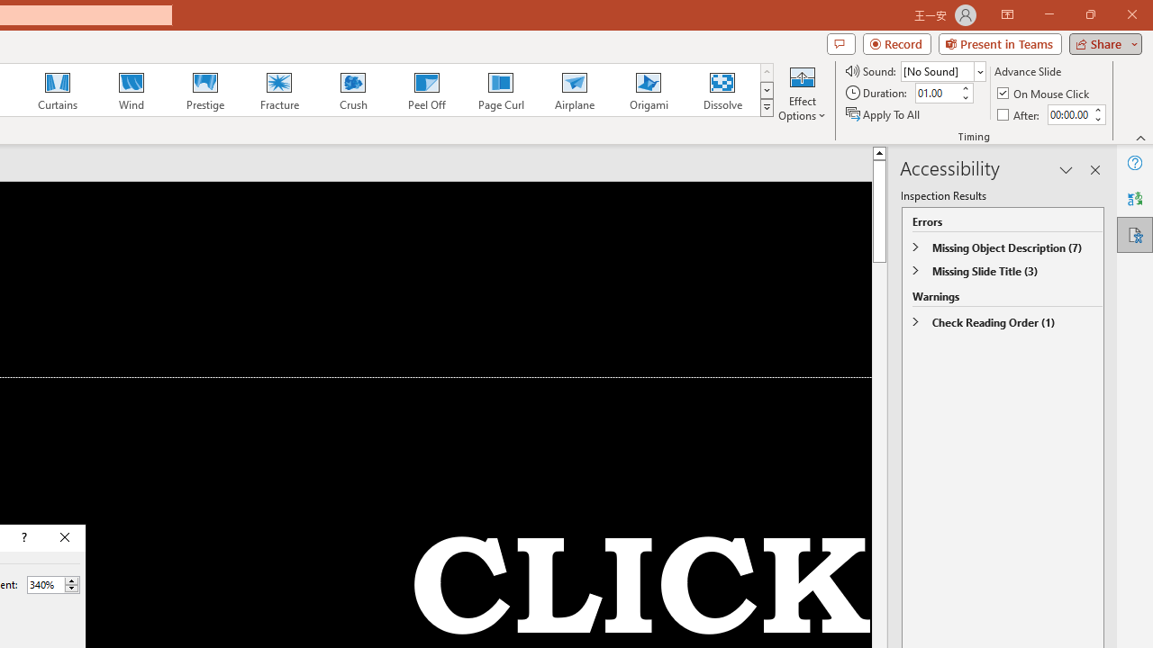 Image resolution: width=1153 pixels, height=648 pixels. What do you see at coordinates (573, 90) in the screenshot?
I see `'Airplane'` at bounding box center [573, 90].